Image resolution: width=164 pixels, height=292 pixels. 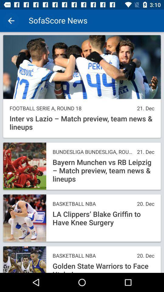 What do you see at coordinates (11, 21) in the screenshot?
I see `the icon at the top left corner` at bounding box center [11, 21].